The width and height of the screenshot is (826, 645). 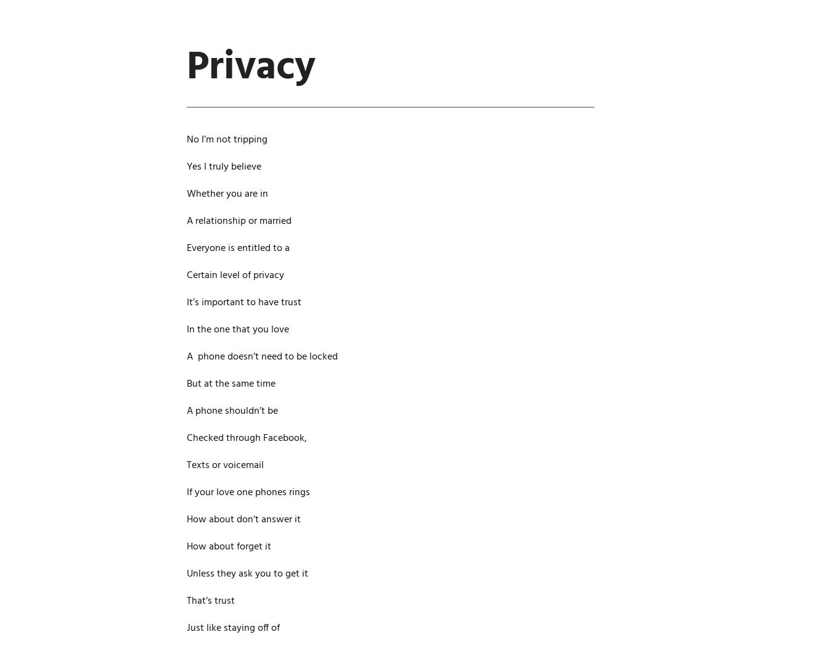 I want to click on 'Privacy', so click(x=250, y=67).